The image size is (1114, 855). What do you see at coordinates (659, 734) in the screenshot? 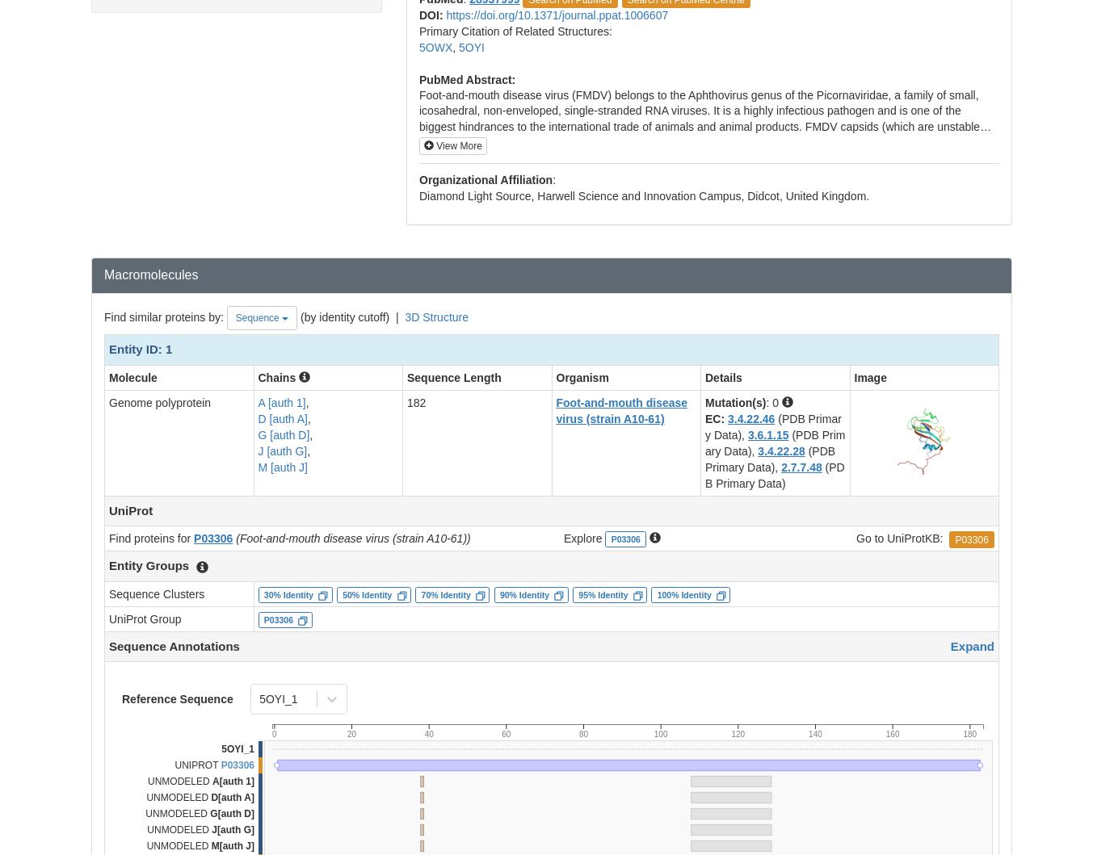
I see `'100'` at bounding box center [659, 734].